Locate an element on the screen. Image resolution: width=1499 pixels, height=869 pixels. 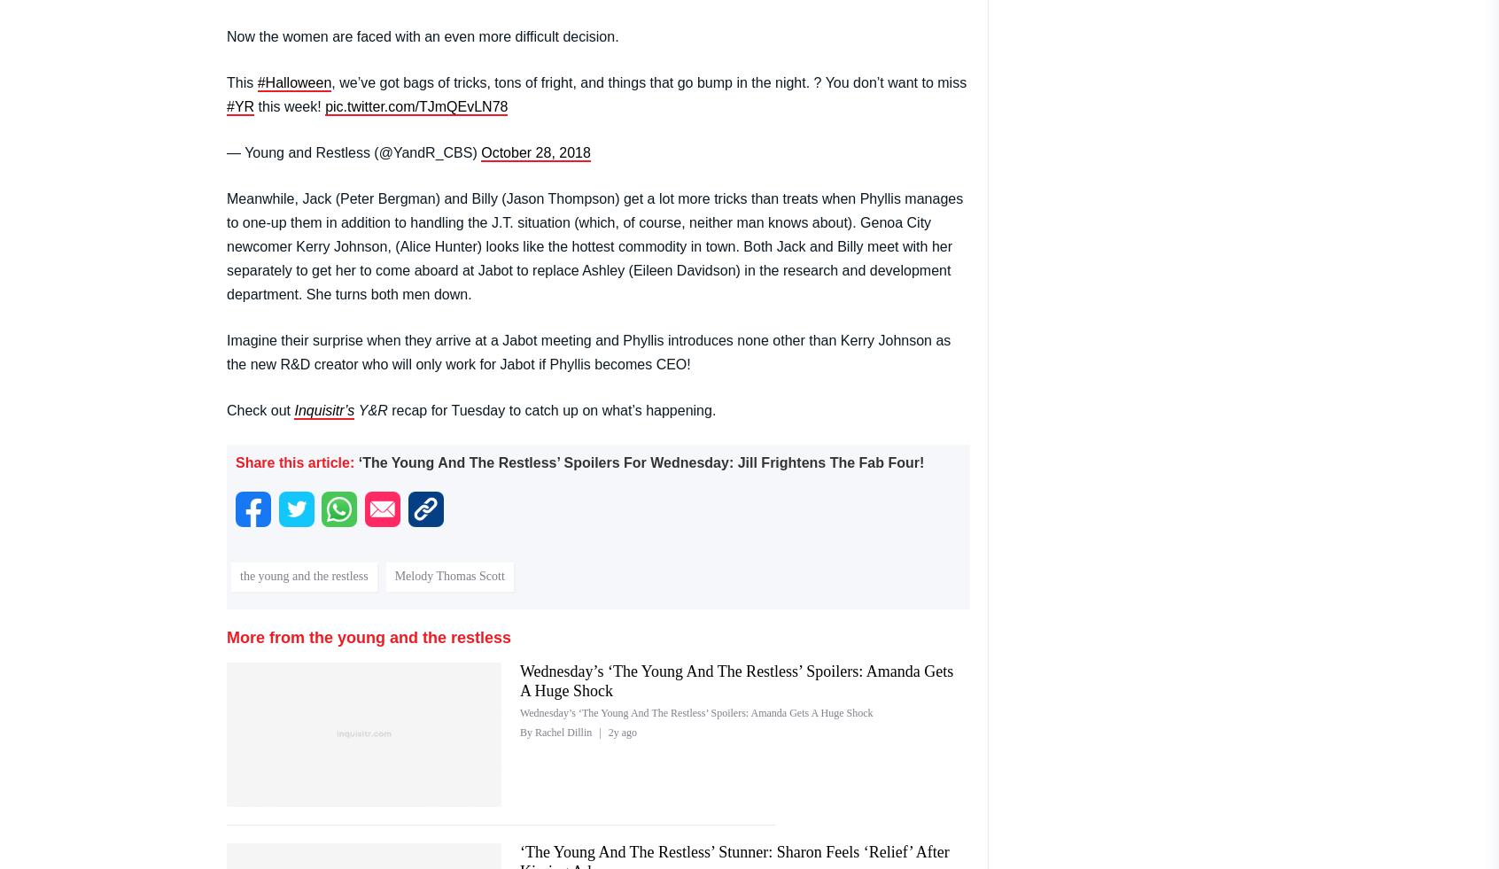
'the young and the restless' is located at coordinates (302, 575).